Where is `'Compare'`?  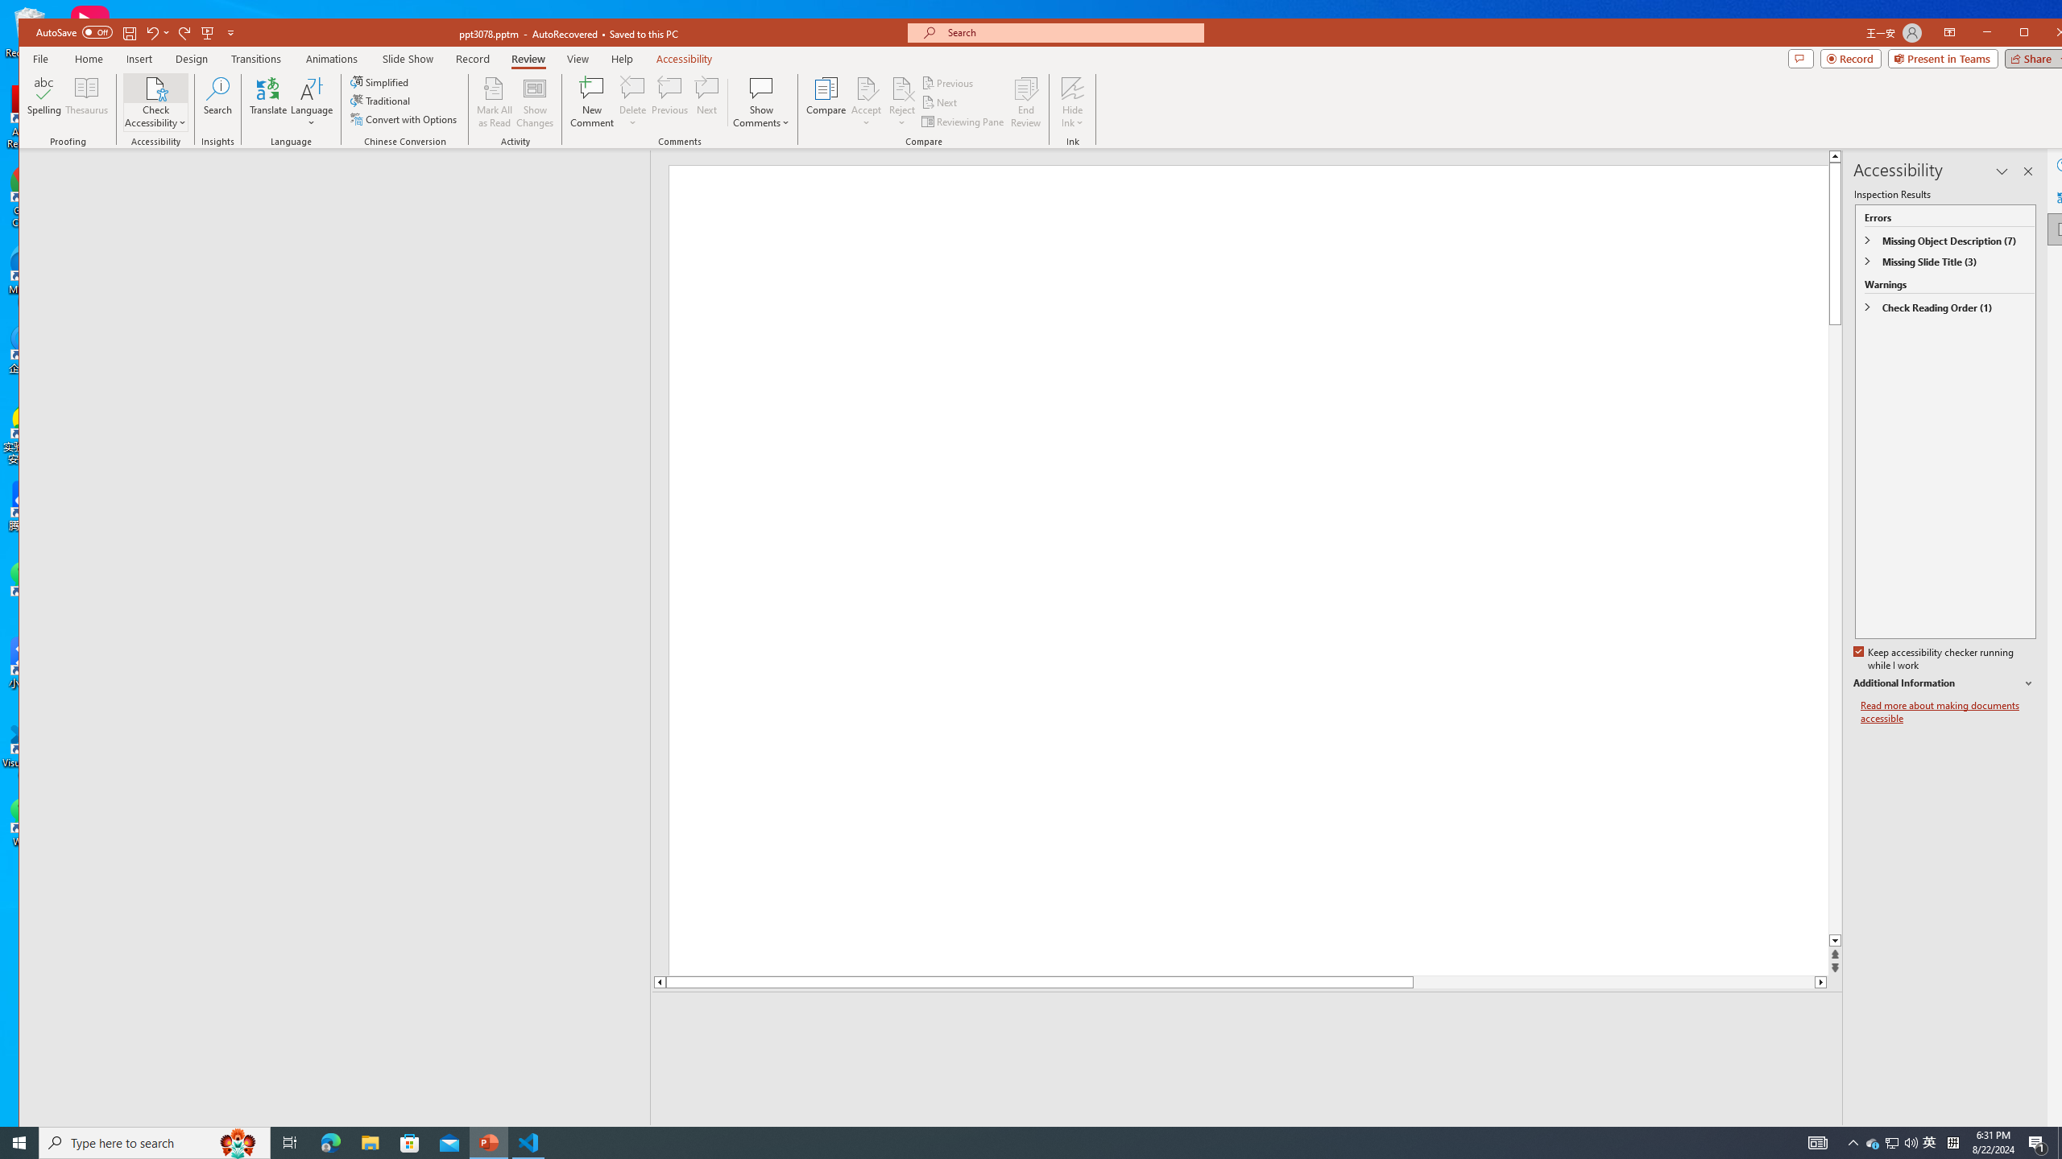
'Compare' is located at coordinates (825, 101).